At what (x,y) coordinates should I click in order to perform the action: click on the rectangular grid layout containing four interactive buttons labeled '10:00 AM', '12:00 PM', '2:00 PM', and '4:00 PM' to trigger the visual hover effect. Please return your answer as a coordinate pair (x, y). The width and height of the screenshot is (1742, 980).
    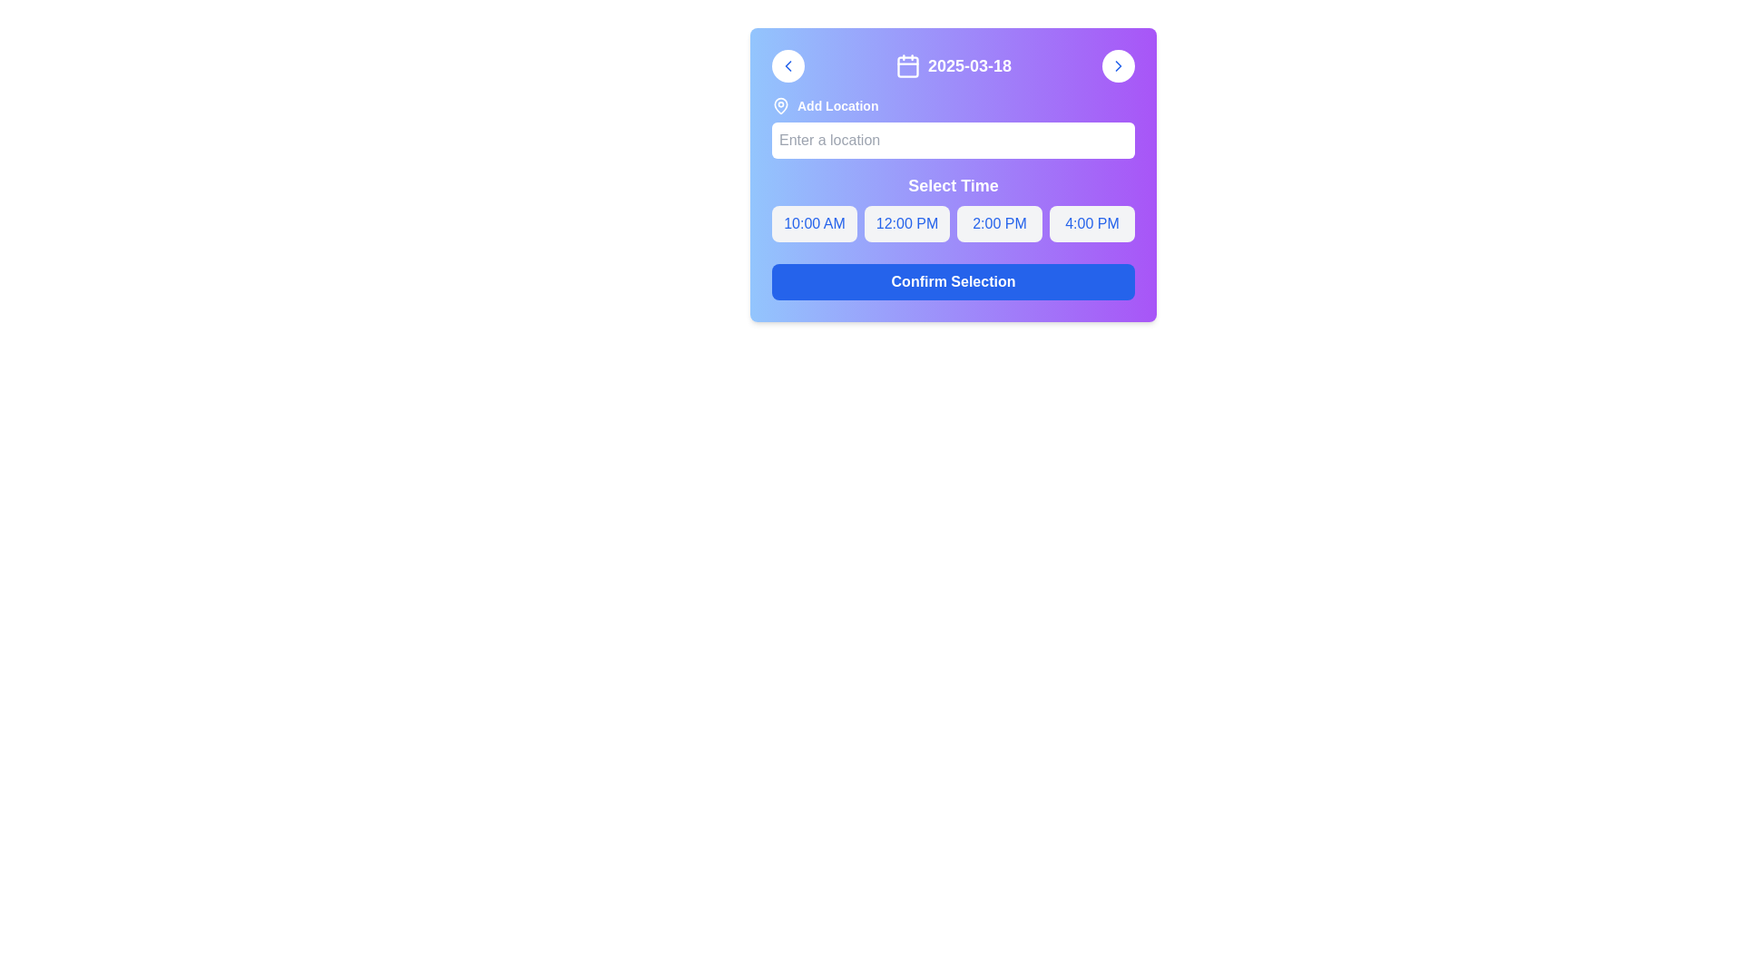
    Looking at the image, I should click on (953, 222).